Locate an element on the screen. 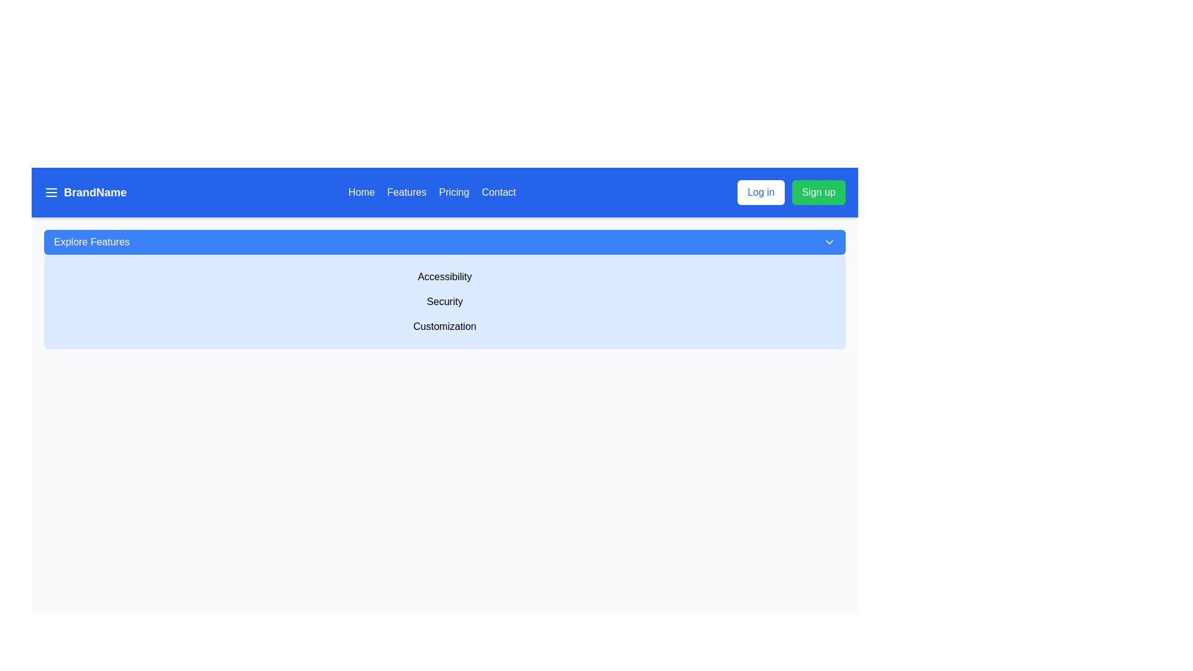 The image size is (1193, 671). the dropdown indicator located on the far right of the 'Explore Features' button is located at coordinates (829, 242).